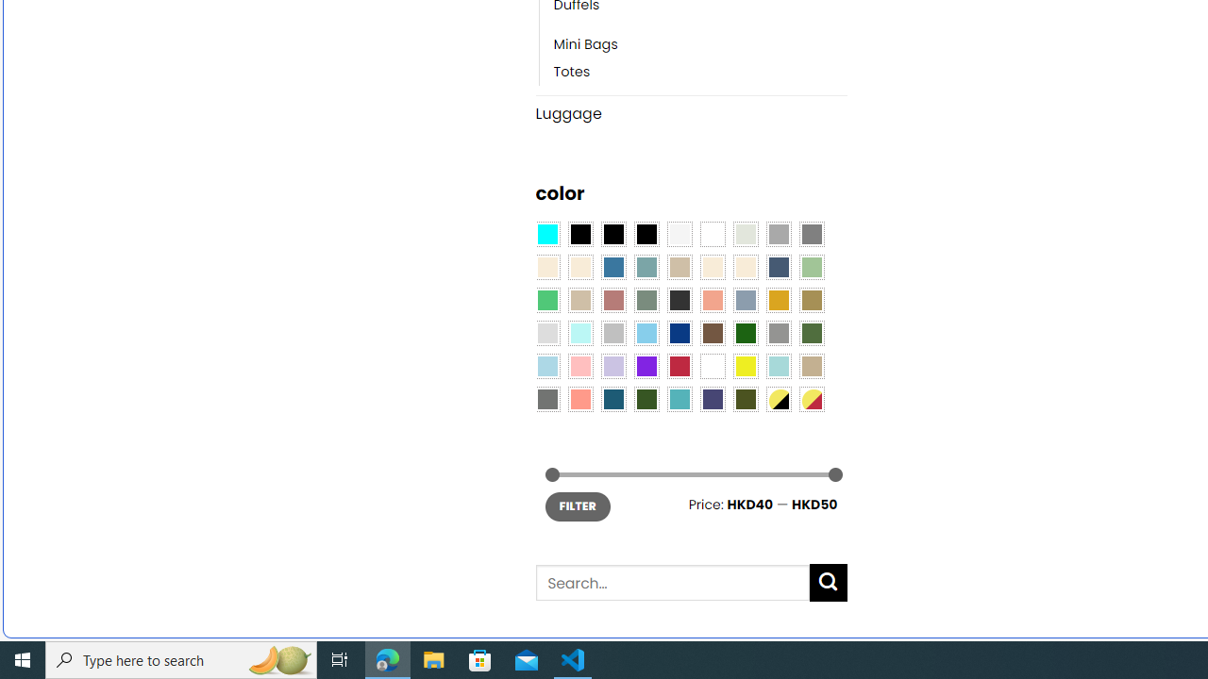 This screenshot has height=679, width=1208. I want to click on 'Blue', so click(613, 267).